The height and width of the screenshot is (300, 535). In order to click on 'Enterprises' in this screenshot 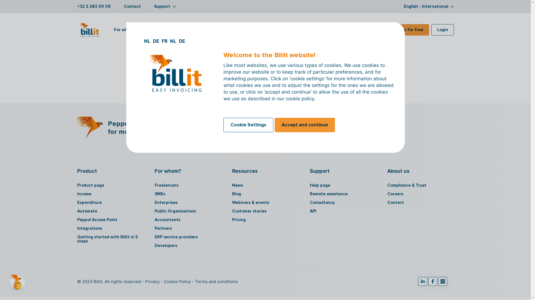, I will do `click(188, 202)`.